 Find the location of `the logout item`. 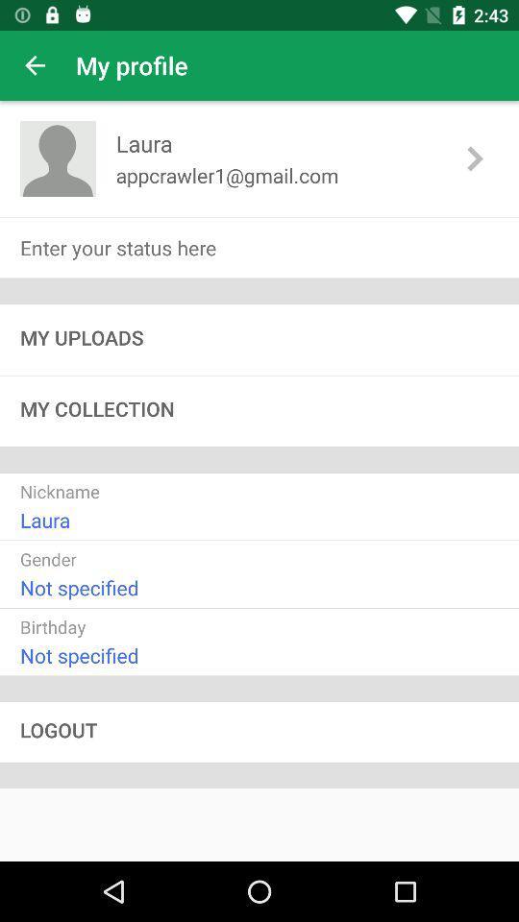

the logout item is located at coordinates (259, 731).